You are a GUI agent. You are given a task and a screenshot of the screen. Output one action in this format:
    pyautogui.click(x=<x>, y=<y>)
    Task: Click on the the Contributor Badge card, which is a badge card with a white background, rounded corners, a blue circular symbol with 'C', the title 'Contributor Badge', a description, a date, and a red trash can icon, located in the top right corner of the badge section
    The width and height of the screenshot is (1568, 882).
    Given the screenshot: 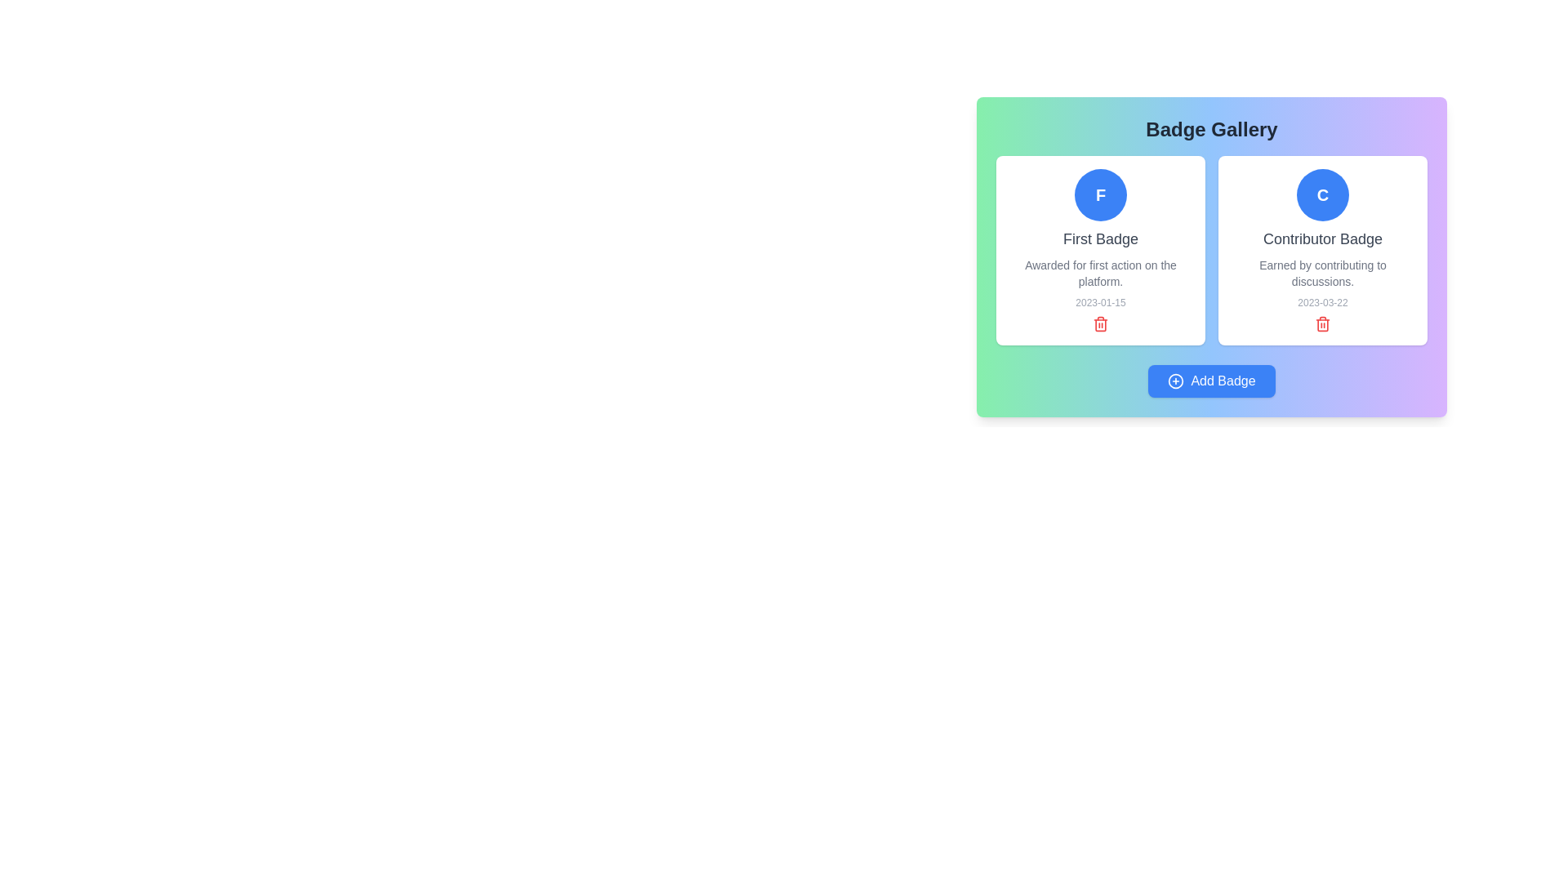 What is the action you would take?
    pyautogui.click(x=1323, y=251)
    